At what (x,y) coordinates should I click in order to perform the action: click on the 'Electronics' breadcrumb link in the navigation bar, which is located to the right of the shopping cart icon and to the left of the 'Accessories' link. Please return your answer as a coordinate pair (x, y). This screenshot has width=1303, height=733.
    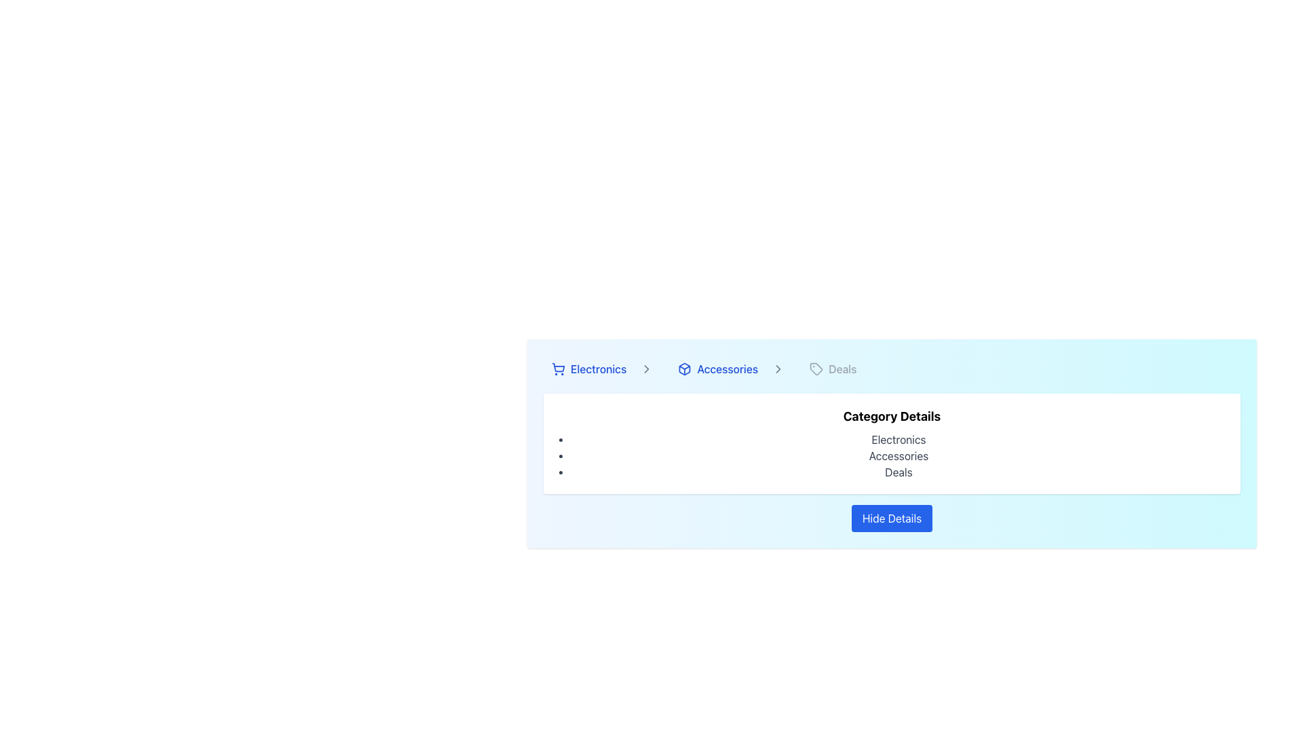
    Looking at the image, I should click on (598, 369).